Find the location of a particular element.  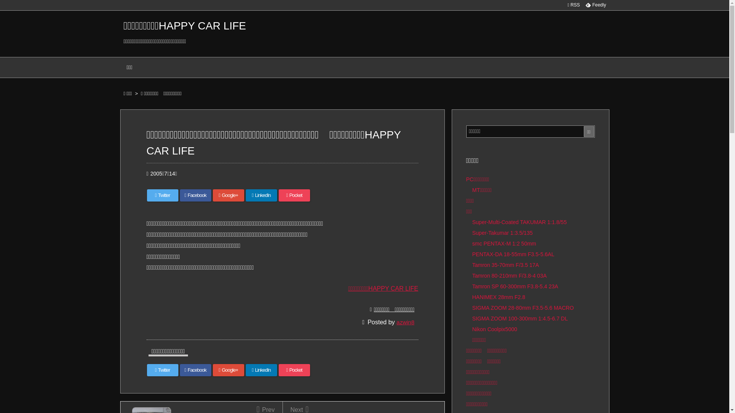

'Tamron 80-210mm F/3.8-4 03A' is located at coordinates (510, 276).